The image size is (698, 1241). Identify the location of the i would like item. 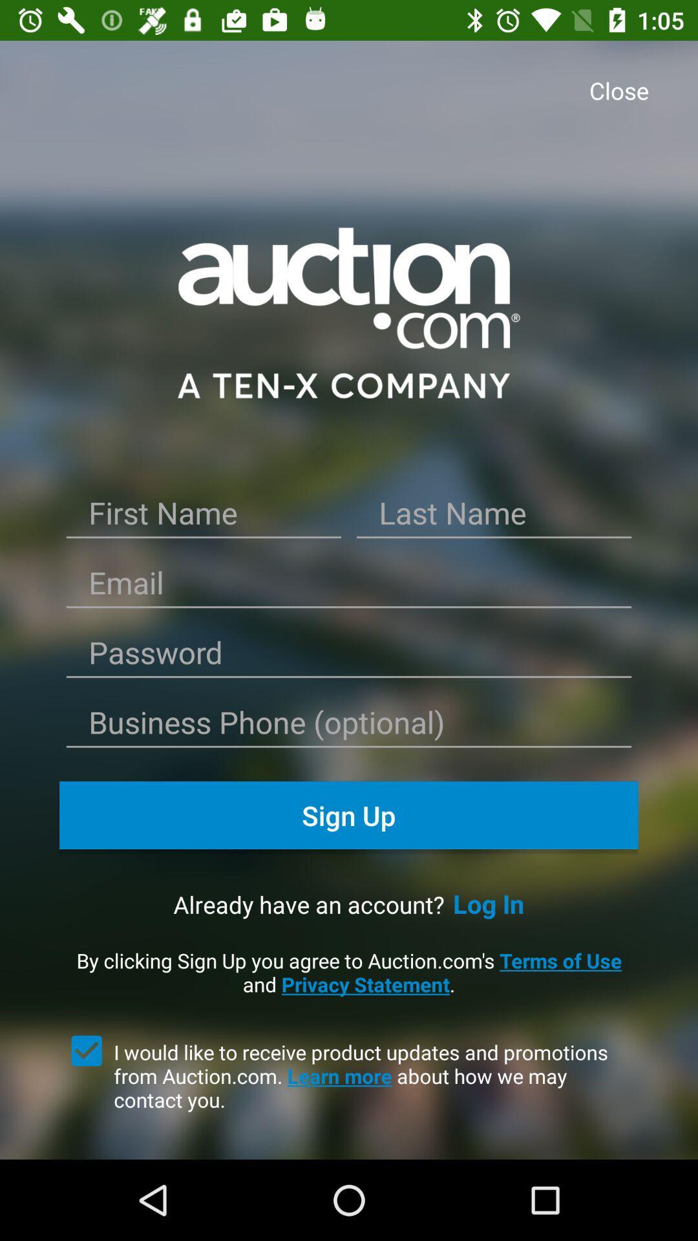
(376, 1076).